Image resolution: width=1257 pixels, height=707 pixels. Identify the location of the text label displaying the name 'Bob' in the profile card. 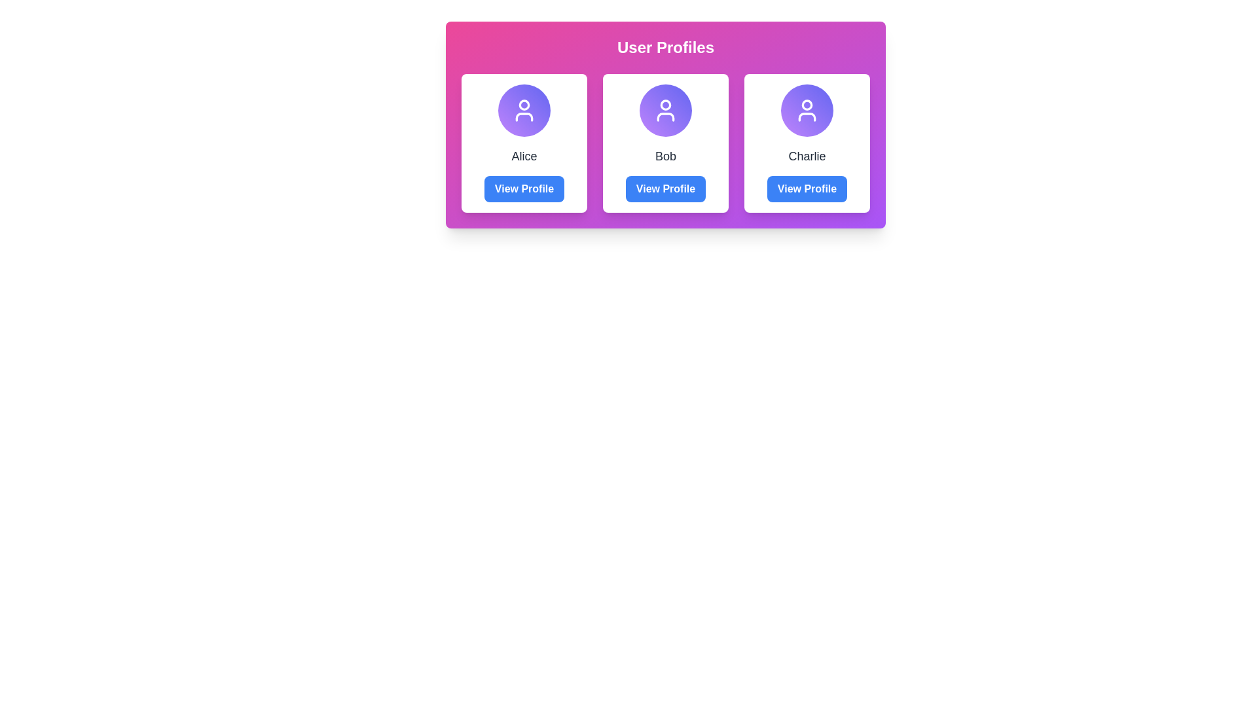
(666, 156).